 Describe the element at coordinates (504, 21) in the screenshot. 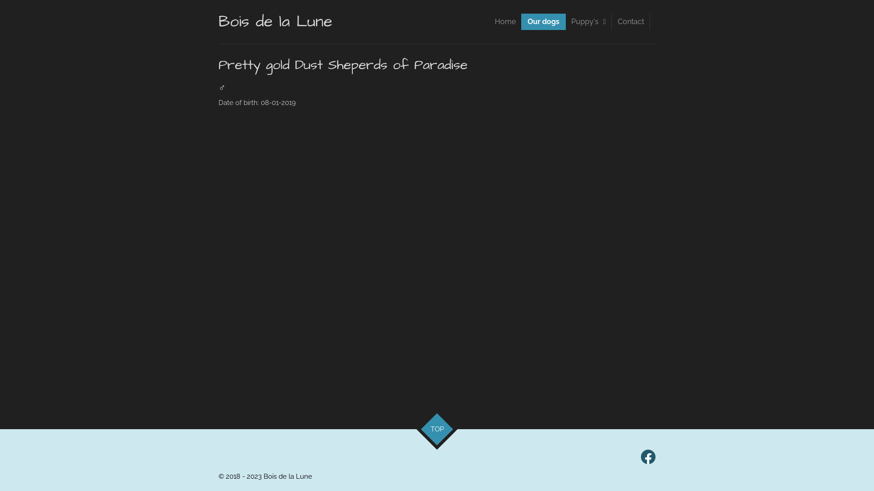

I see `'Home'` at that location.